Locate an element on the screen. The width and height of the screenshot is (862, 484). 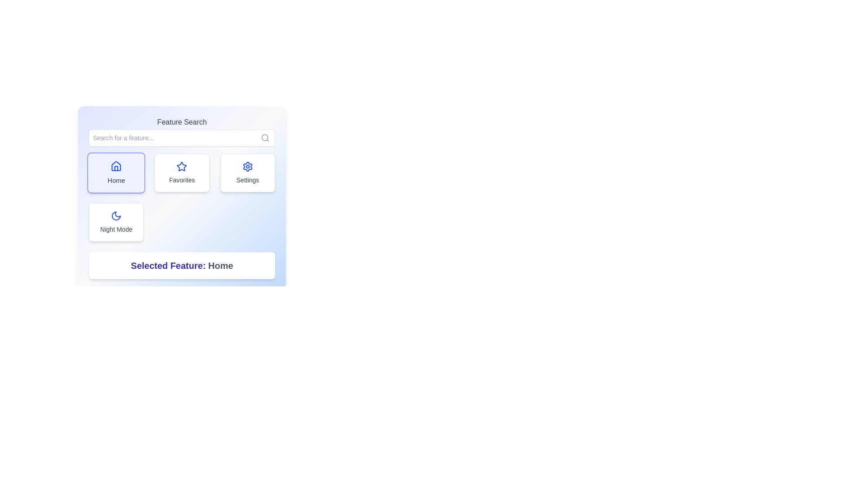
the search icon located at the far right of the input field labeled 'Search for a feature...' in the 'Feature Search' section is located at coordinates (264, 138).